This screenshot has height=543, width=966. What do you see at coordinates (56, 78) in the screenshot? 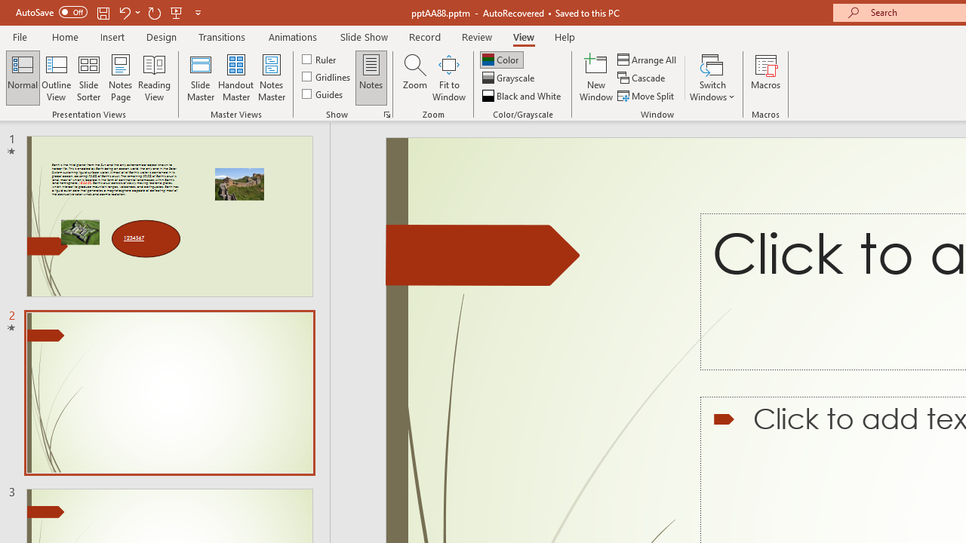
I see `'Outline View'` at bounding box center [56, 78].